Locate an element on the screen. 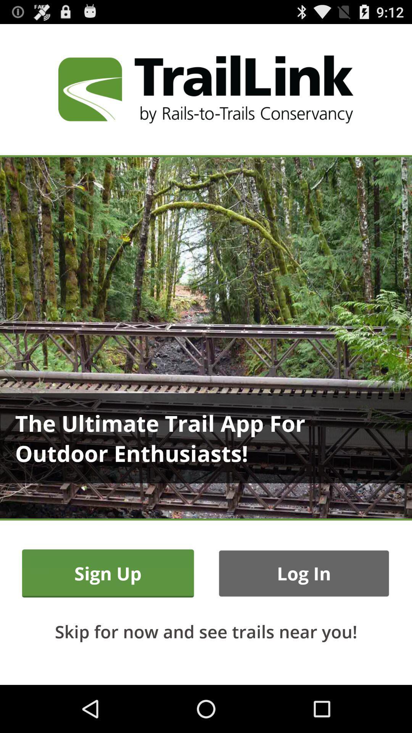 The height and width of the screenshot is (733, 412). icon to the right of the sign up item is located at coordinates (303, 573).